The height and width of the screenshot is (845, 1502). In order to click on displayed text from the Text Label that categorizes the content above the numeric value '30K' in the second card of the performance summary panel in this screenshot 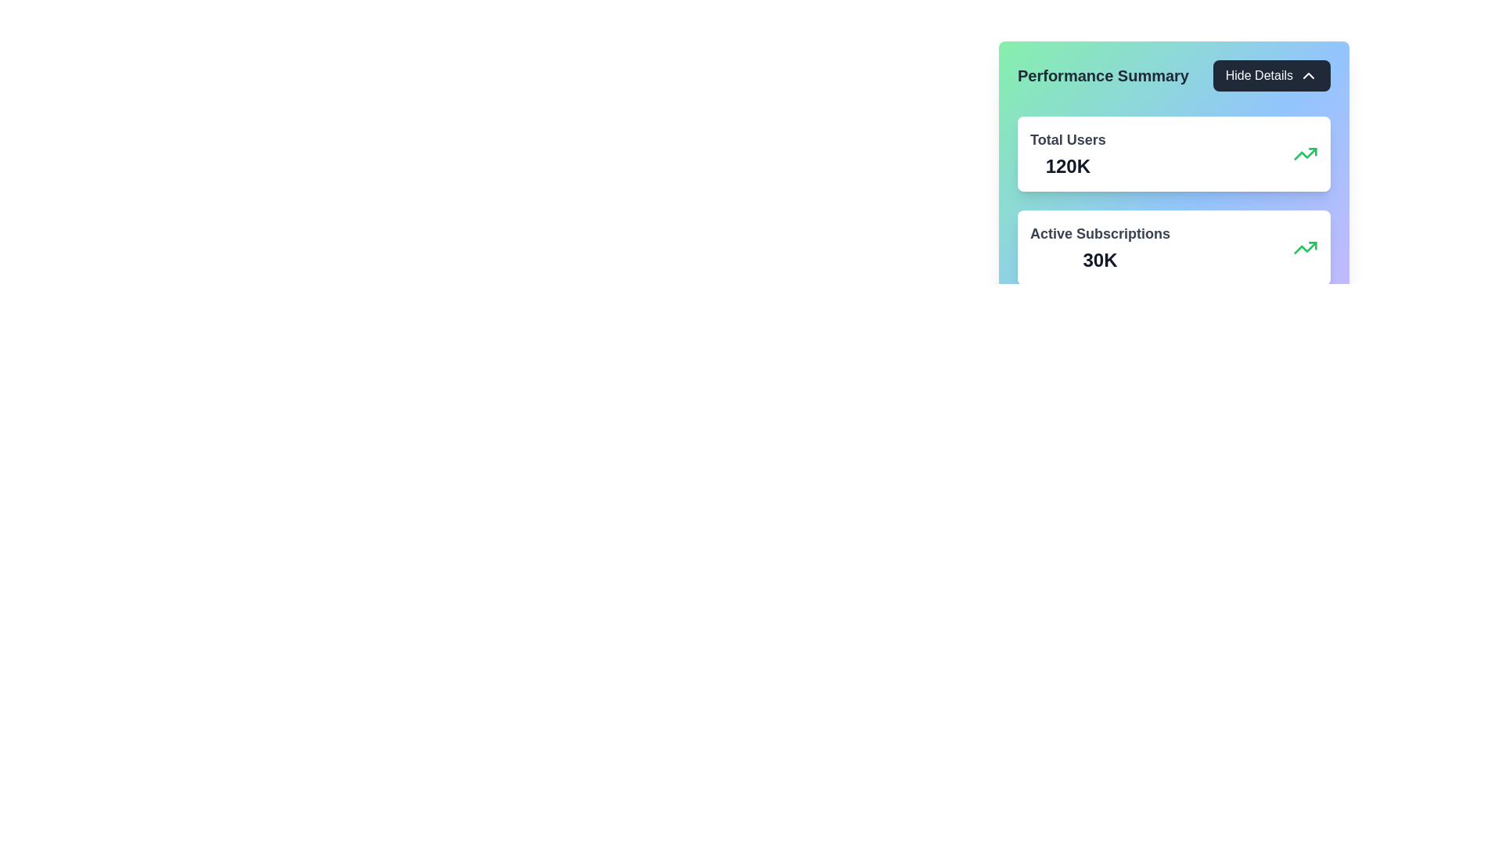, I will do `click(1099, 234)`.